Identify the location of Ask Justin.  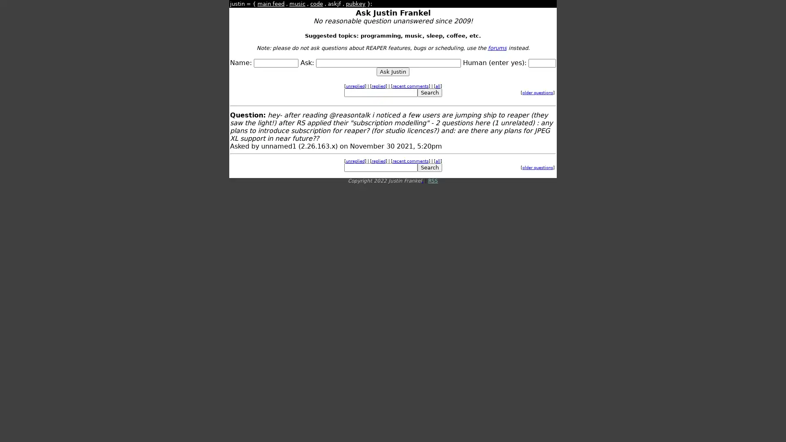
(393, 71).